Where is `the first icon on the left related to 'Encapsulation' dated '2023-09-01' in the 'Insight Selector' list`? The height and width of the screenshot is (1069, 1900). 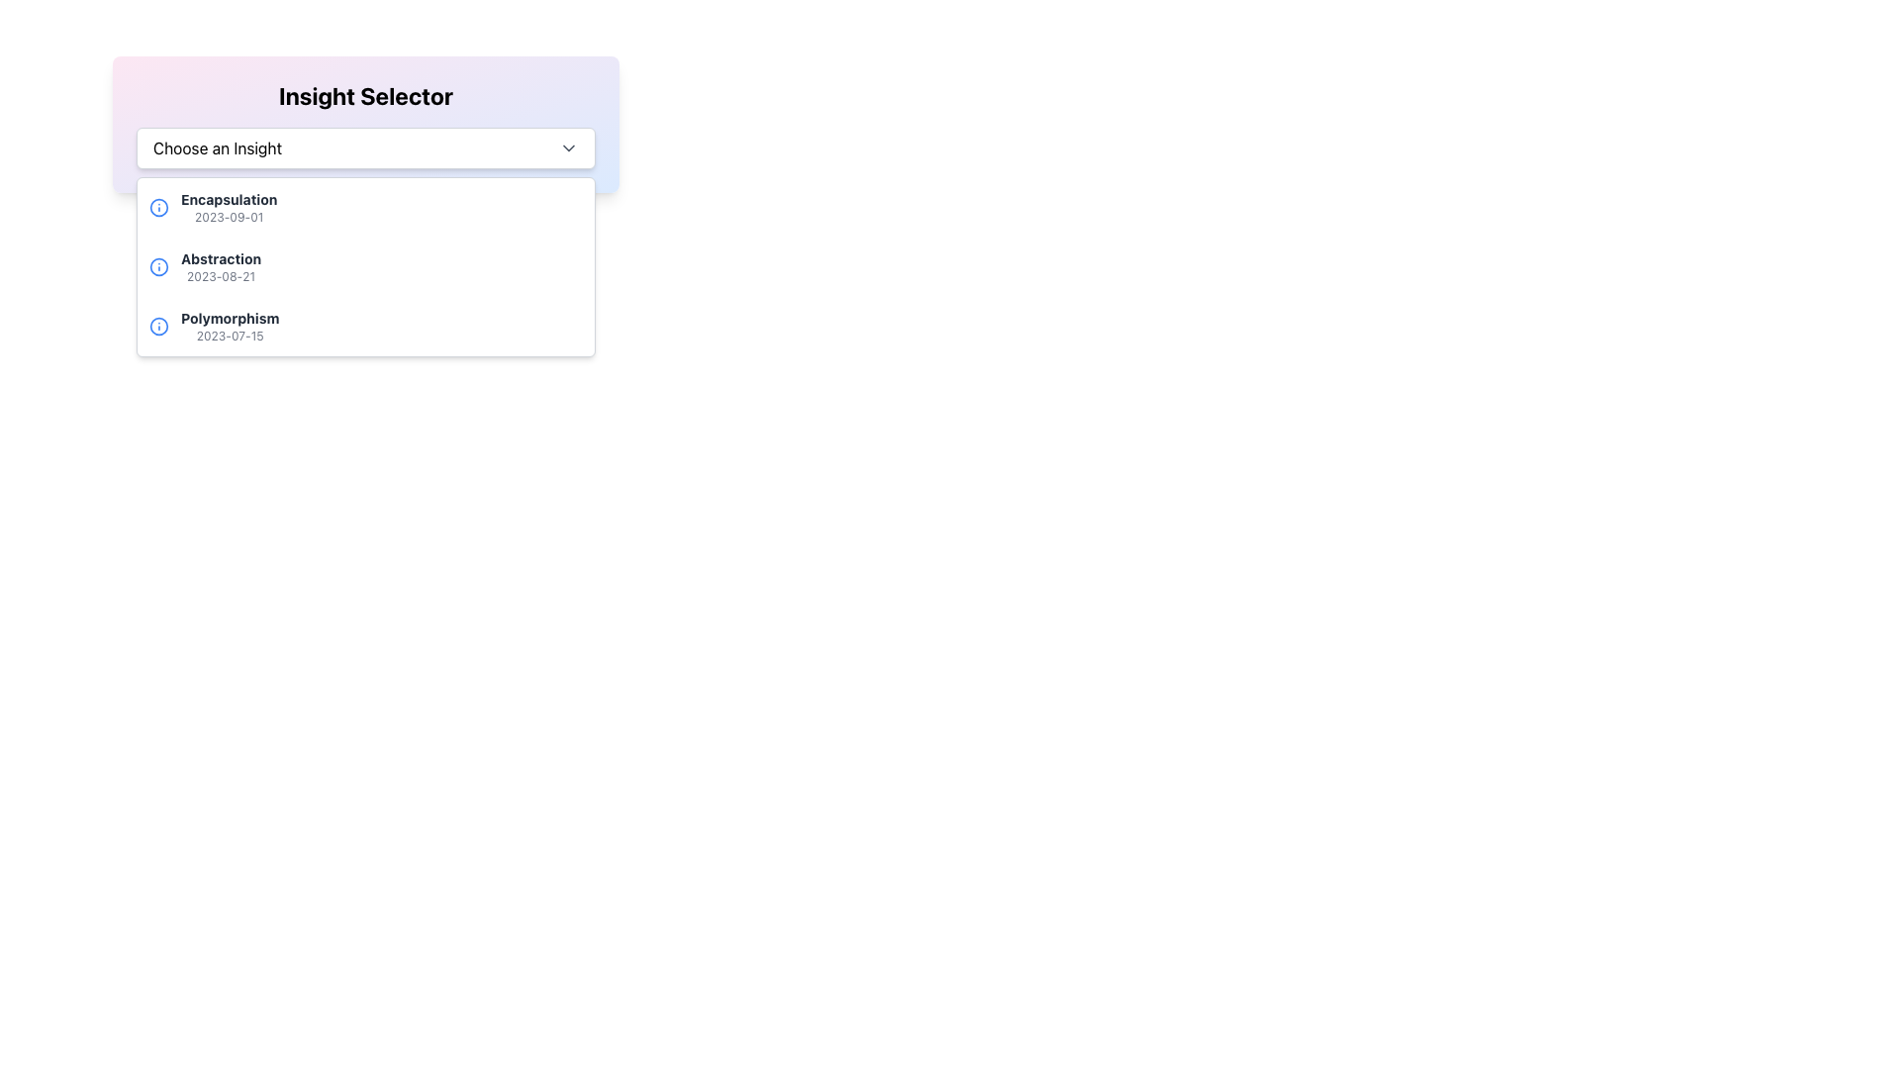 the first icon on the left related to 'Encapsulation' dated '2023-09-01' in the 'Insight Selector' list is located at coordinates (159, 207).